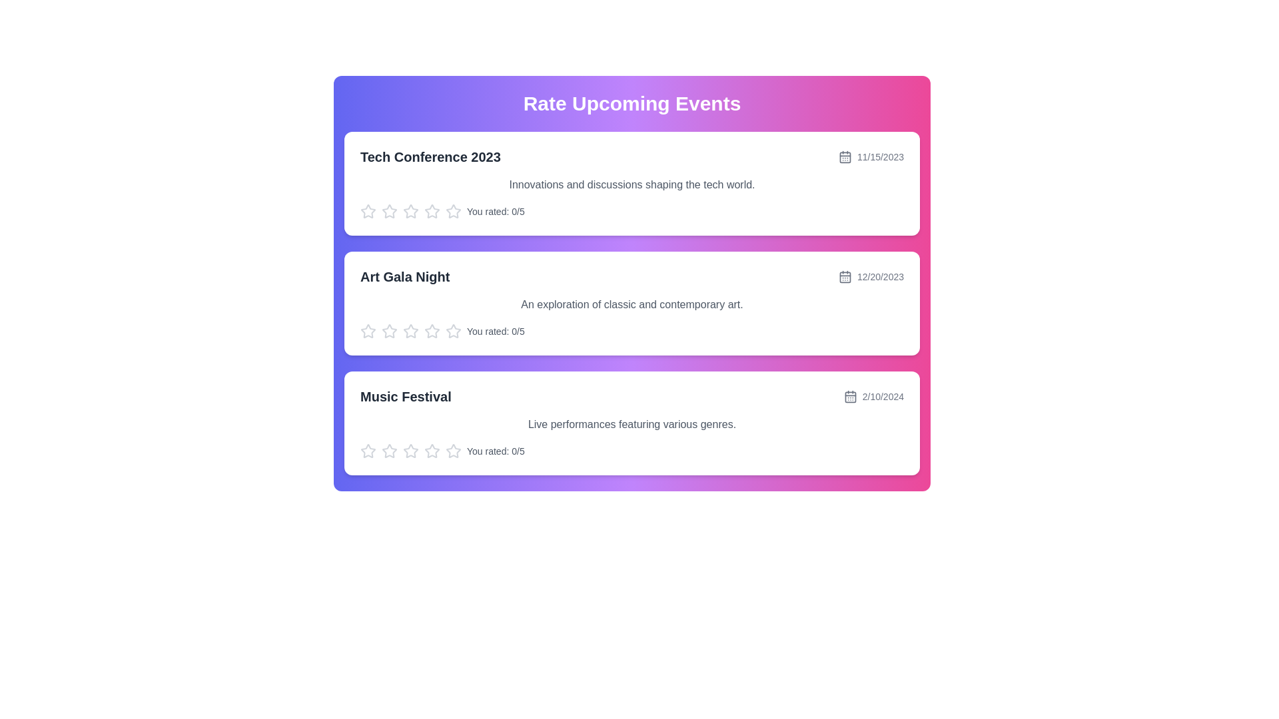 This screenshot has height=719, width=1279. I want to click on the first star icon in the rating component under the 'Tech Conference 2023' title, so click(410, 210).